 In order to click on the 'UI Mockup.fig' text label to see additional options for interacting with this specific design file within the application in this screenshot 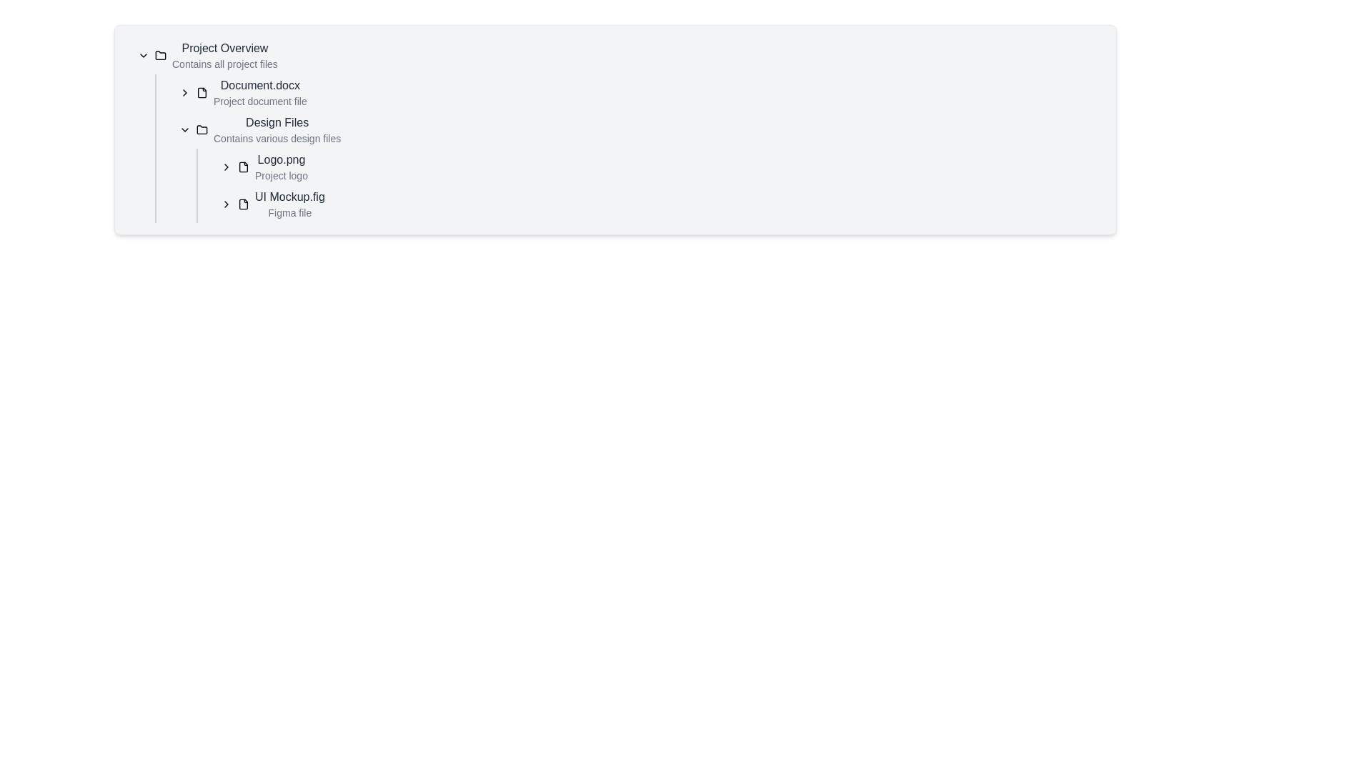, I will do `click(289, 204)`.